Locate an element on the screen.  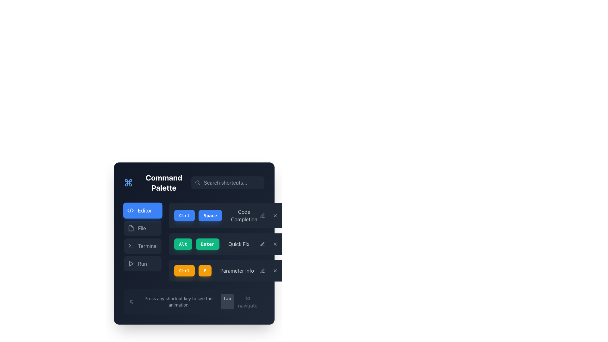
the 'X' Icon Button located in the top-right corner of the 'Parameter Info' row within the Command Palette modal window to trigger its hover effects is located at coordinates (275, 271).